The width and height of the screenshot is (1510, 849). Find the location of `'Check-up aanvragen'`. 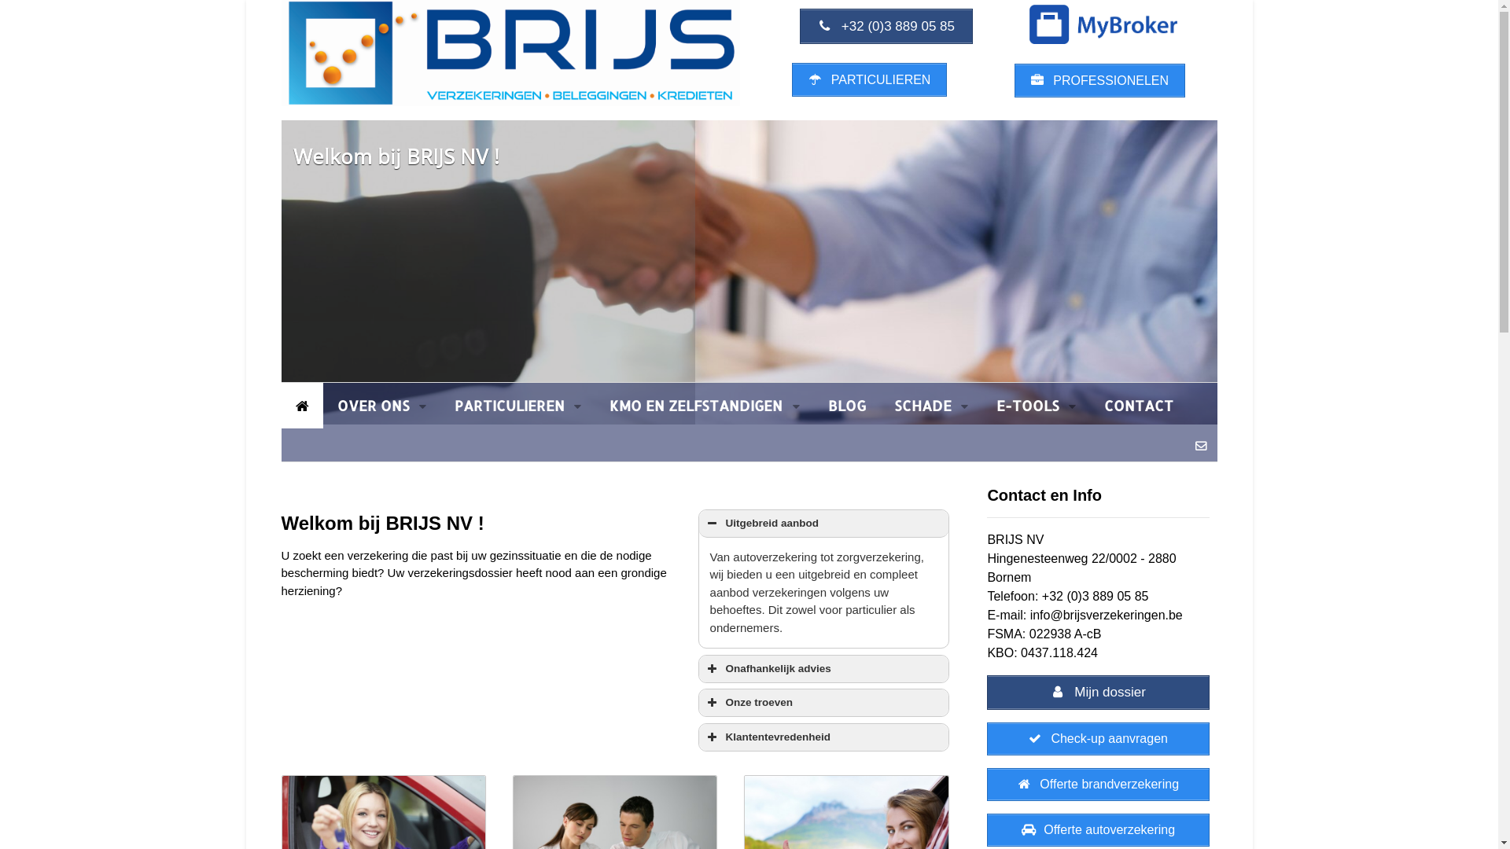

'Check-up aanvragen' is located at coordinates (985, 739).